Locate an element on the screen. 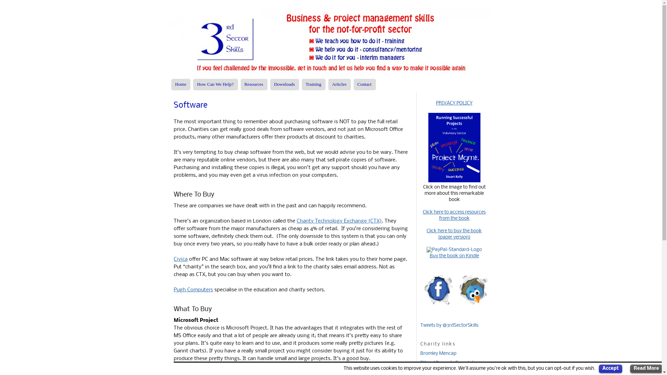  'Articles' is located at coordinates (339, 84).